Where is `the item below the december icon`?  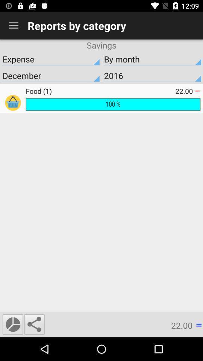
the item below the december icon is located at coordinates (100, 91).